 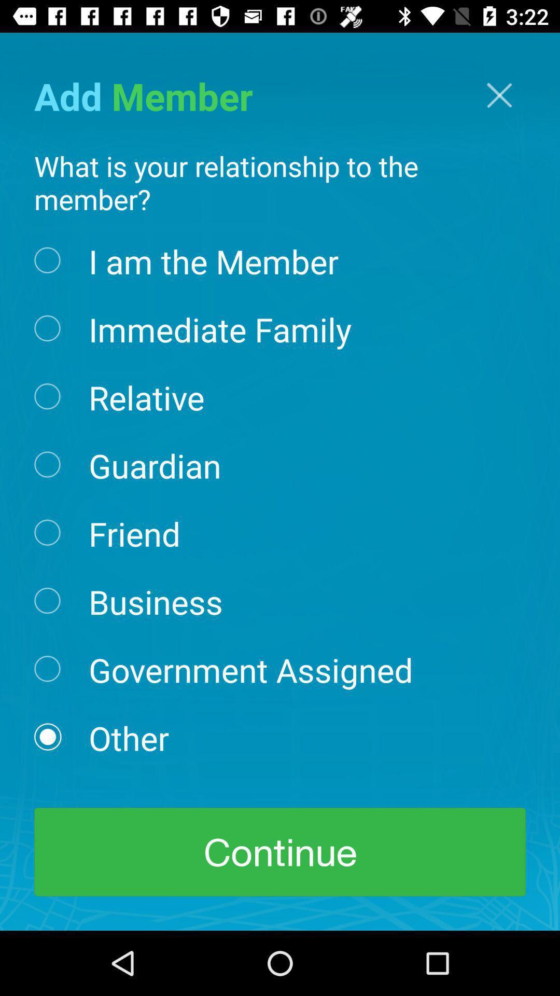 What do you see at coordinates (250, 669) in the screenshot?
I see `government assigned item` at bounding box center [250, 669].